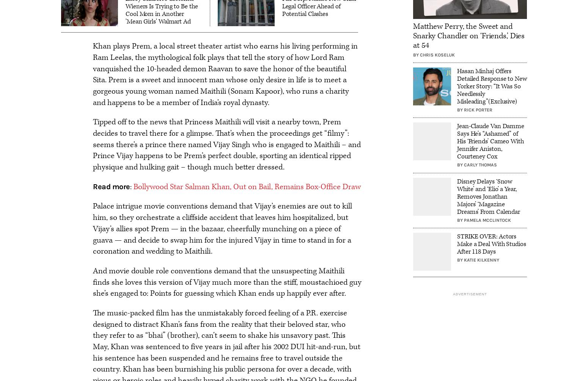 The height and width of the screenshot is (381, 588). What do you see at coordinates (480, 165) in the screenshot?
I see `'Carly Thomas'` at bounding box center [480, 165].